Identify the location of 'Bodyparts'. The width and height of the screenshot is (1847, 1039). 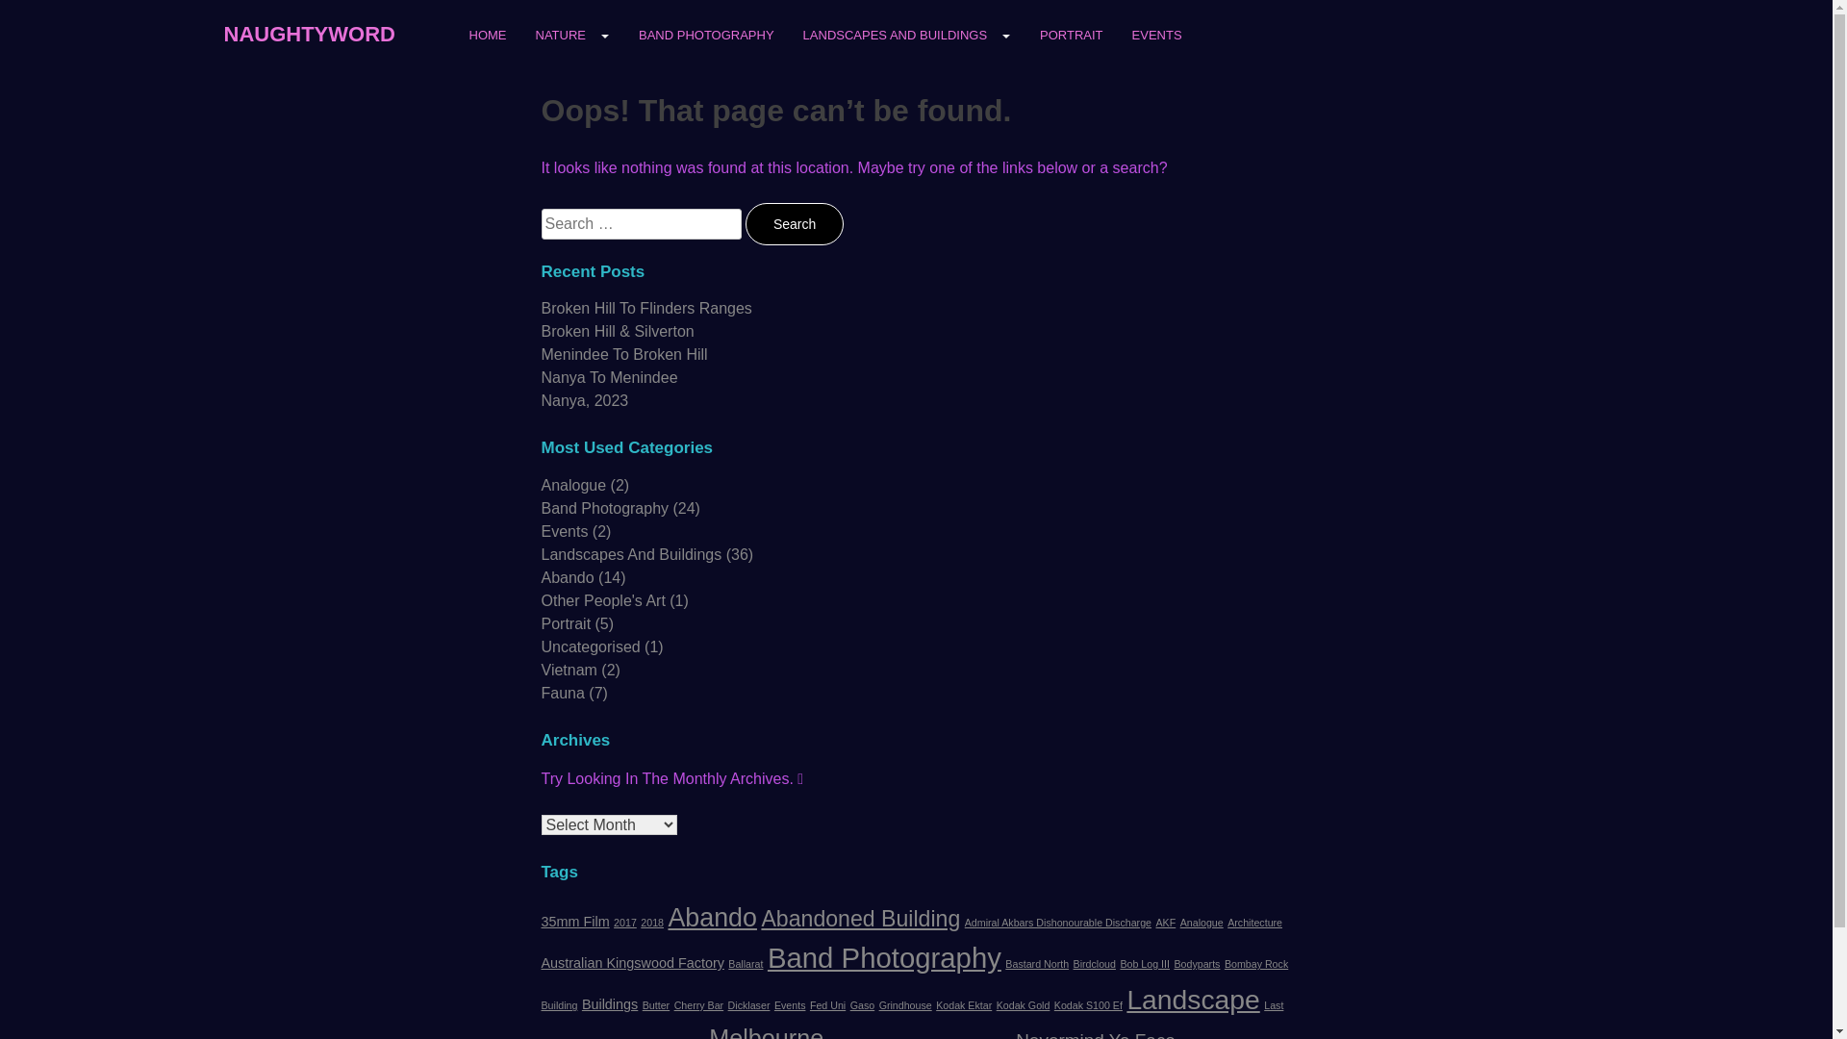
(1195, 964).